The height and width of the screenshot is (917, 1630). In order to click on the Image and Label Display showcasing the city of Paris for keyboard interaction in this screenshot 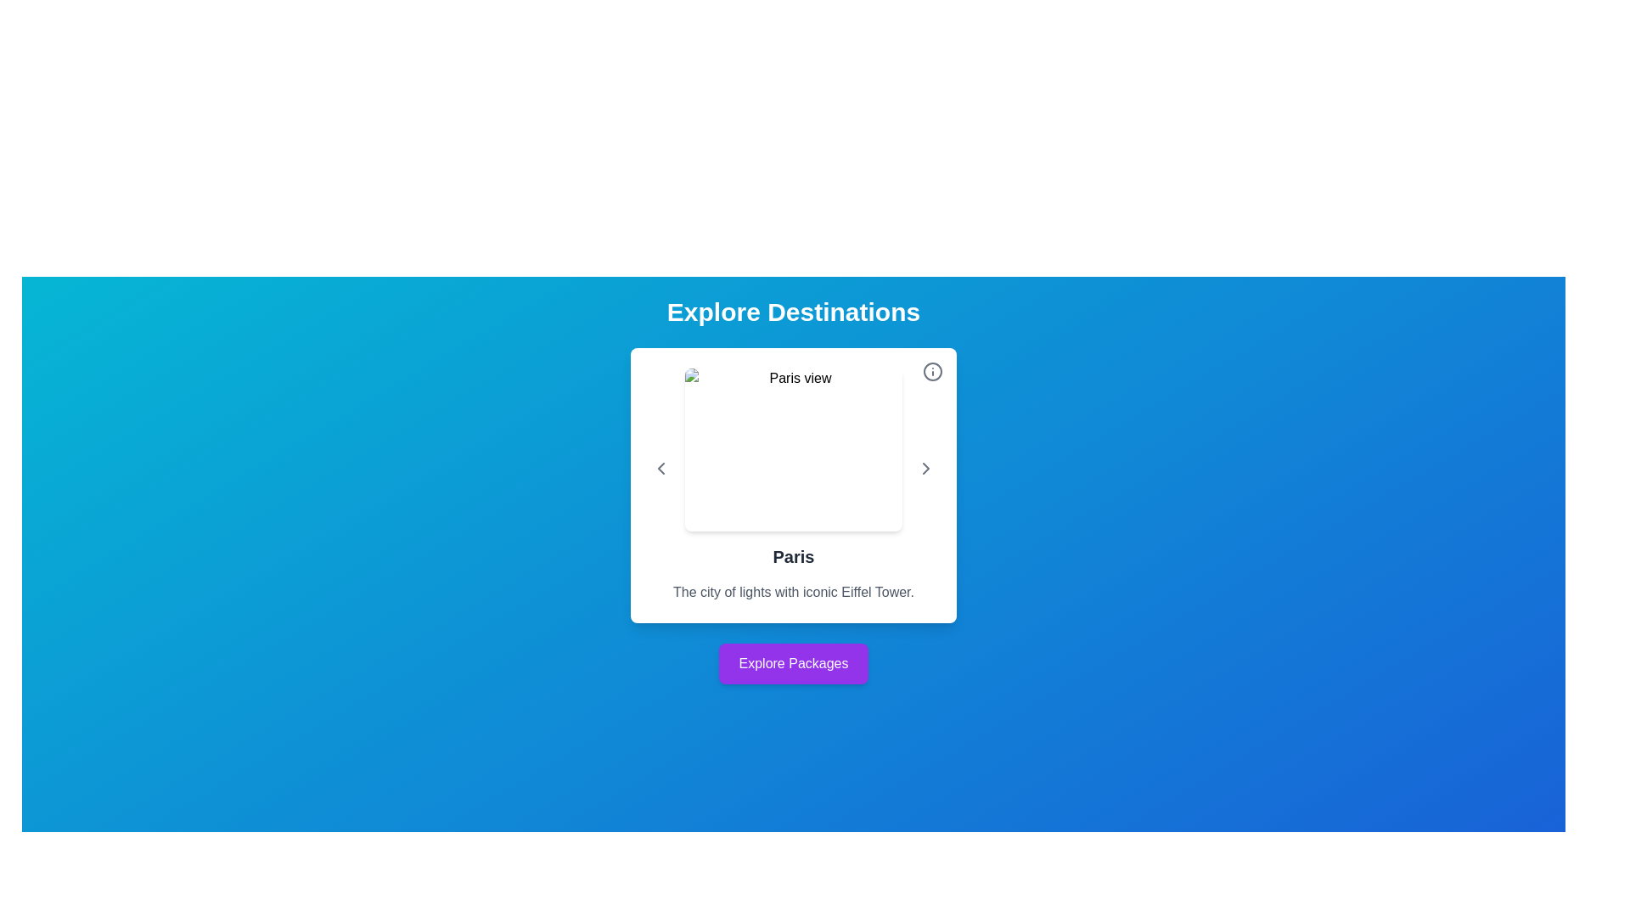, I will do `click(793, 468)`.